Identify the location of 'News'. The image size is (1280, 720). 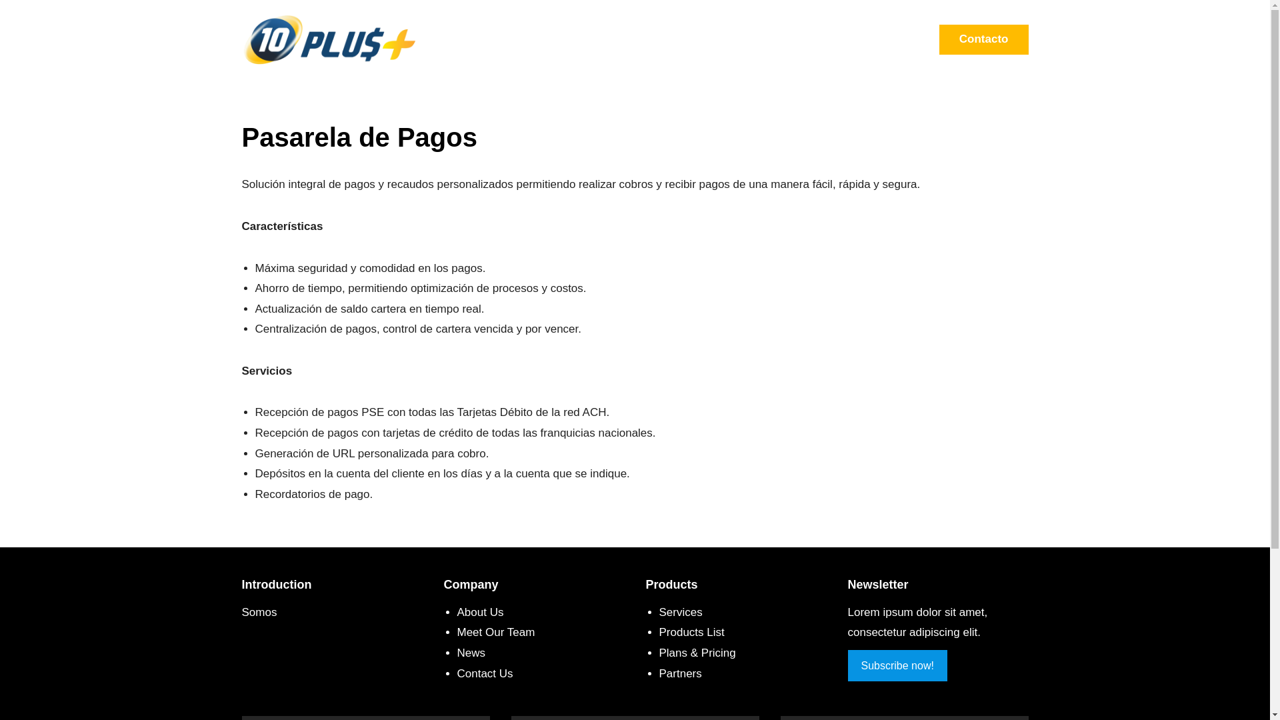
(471, 652).